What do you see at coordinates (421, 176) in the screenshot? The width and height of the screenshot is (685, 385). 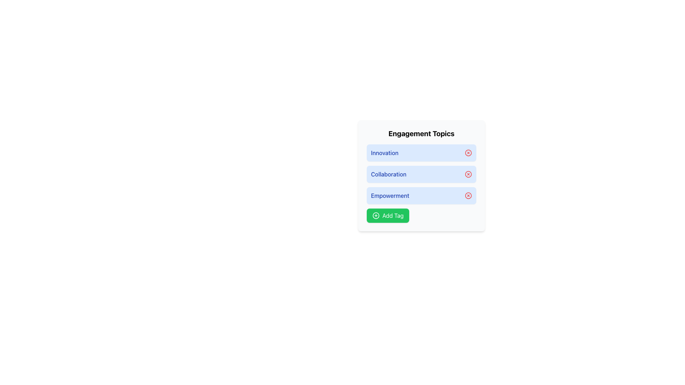 I see `the list item labeled 'Collaboration' in the vertically aligned group of engagement topics, positioned below 'Innovation' and above 'Empowerment'` at bounding box center [421, 176].